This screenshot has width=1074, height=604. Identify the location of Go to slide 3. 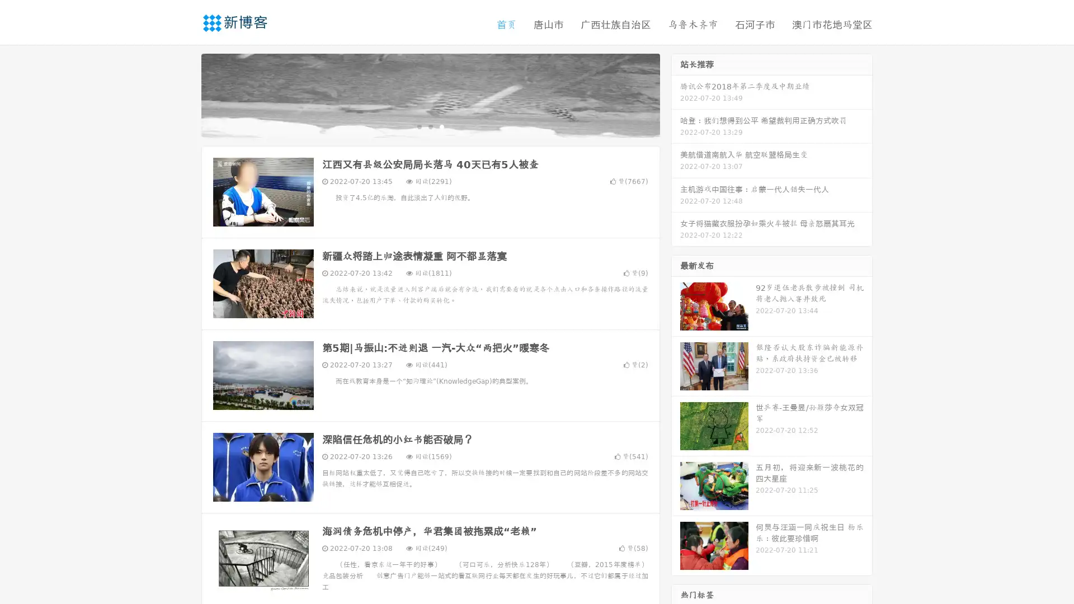
(441, 126).